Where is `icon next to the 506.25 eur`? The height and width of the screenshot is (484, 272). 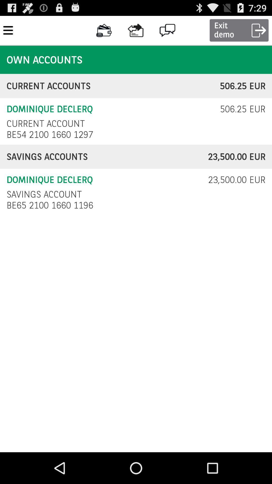
icon next to the 506.25 eur is located at coordinates (46, 124).